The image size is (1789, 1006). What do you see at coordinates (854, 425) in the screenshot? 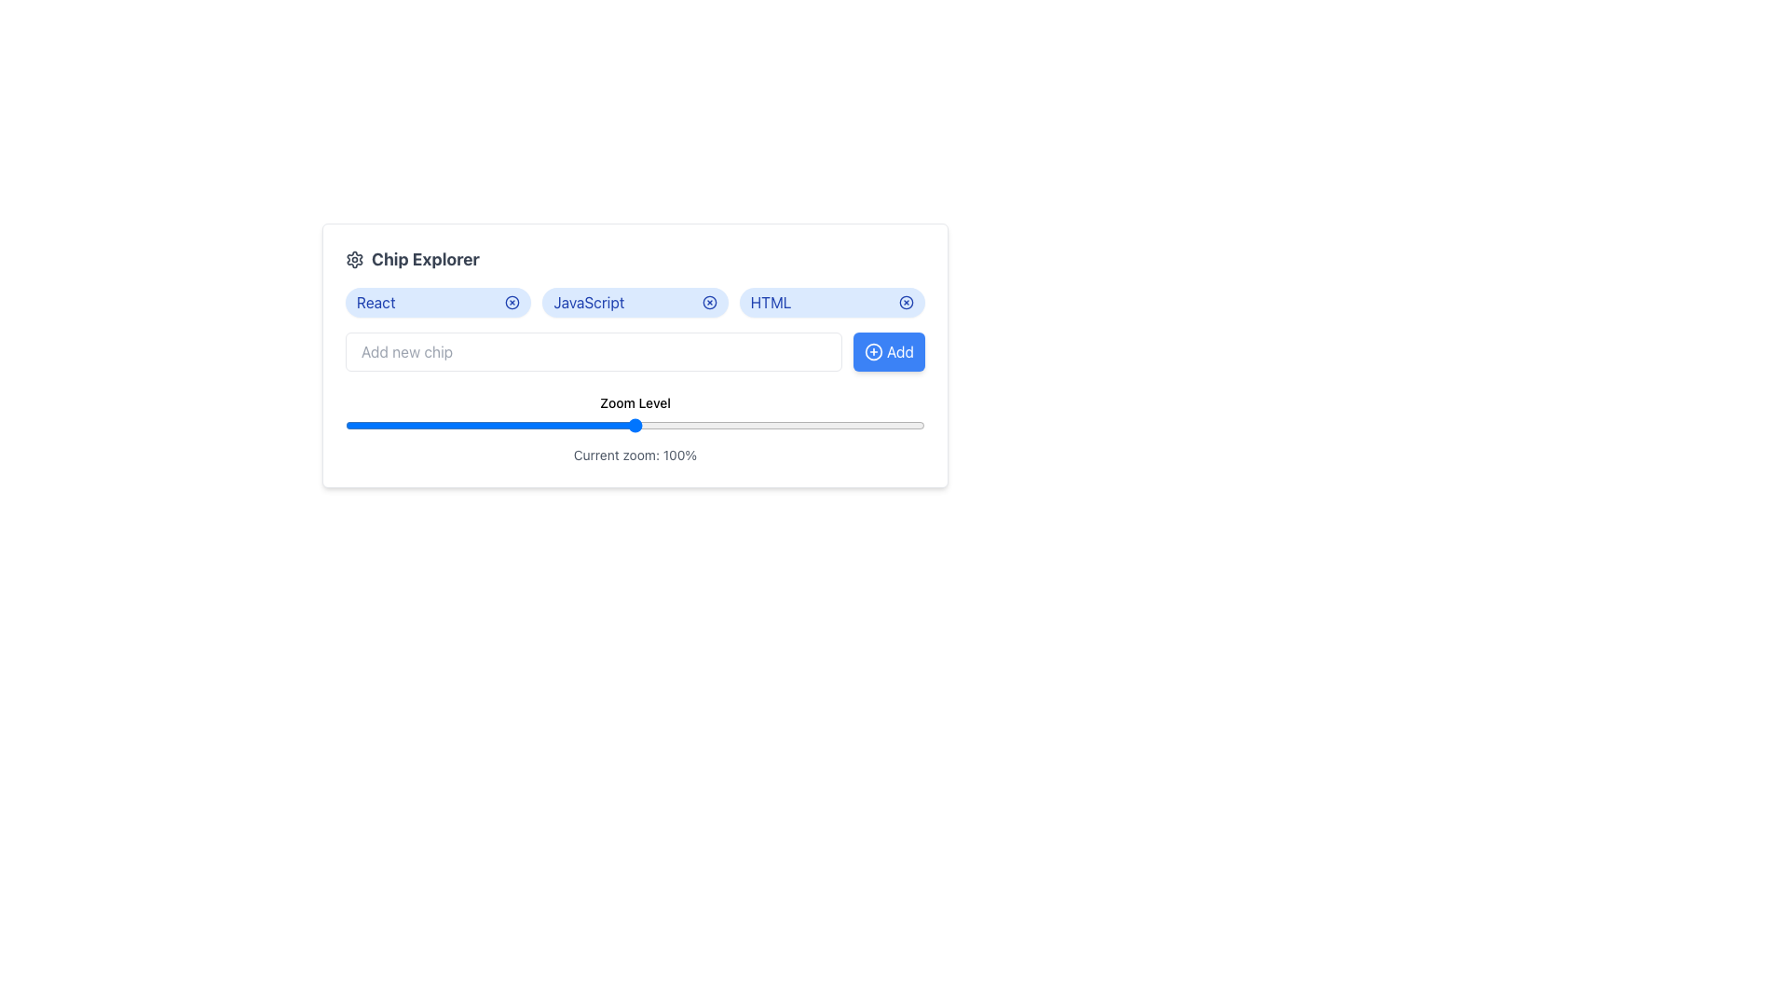
I see `zoom level` at bounding box center [854, 425].